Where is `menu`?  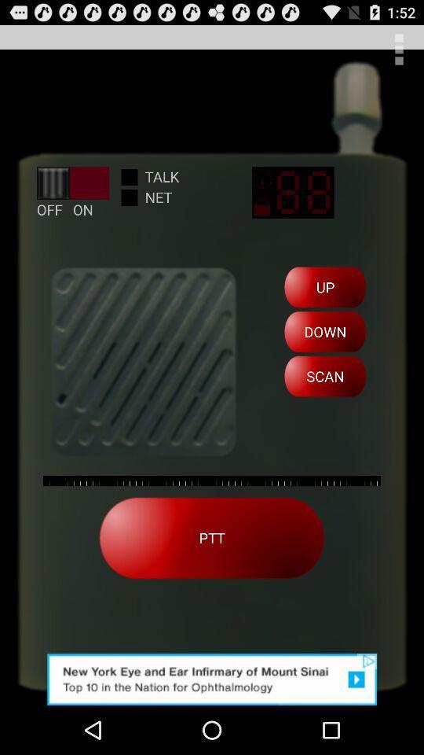 menu is located at coordinates (399, 49).